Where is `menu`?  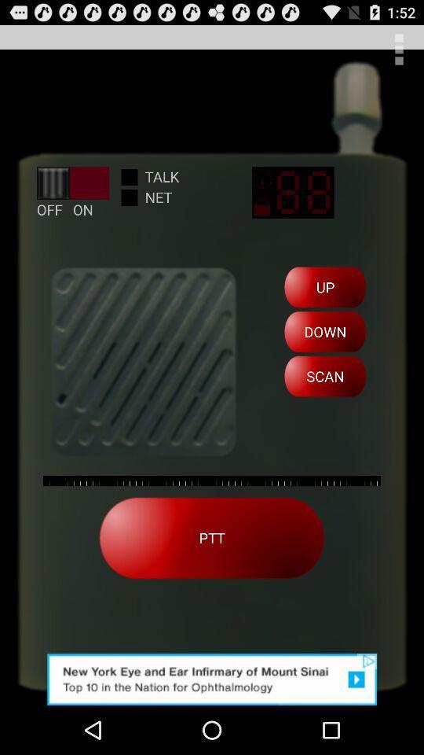 menu is located at coordinates (399, 49).